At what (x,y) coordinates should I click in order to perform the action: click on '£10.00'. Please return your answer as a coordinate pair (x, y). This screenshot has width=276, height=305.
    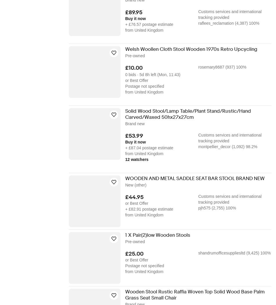
    Looking at the image, I should click on (134, 67).